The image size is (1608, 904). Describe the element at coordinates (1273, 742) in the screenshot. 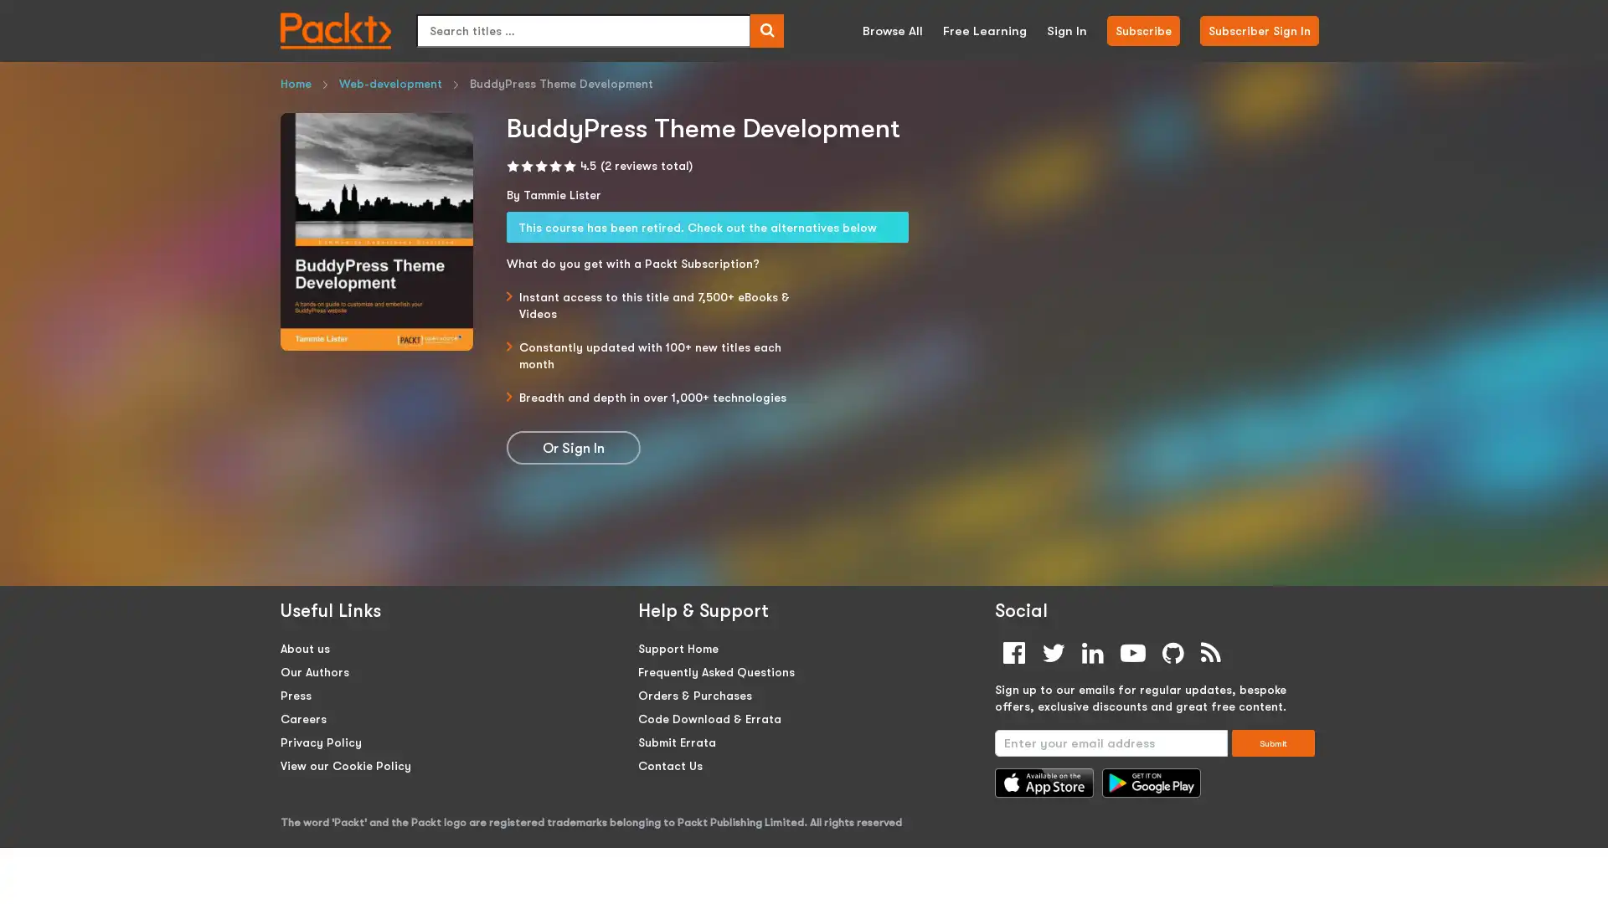

I see `Submit` at that location.